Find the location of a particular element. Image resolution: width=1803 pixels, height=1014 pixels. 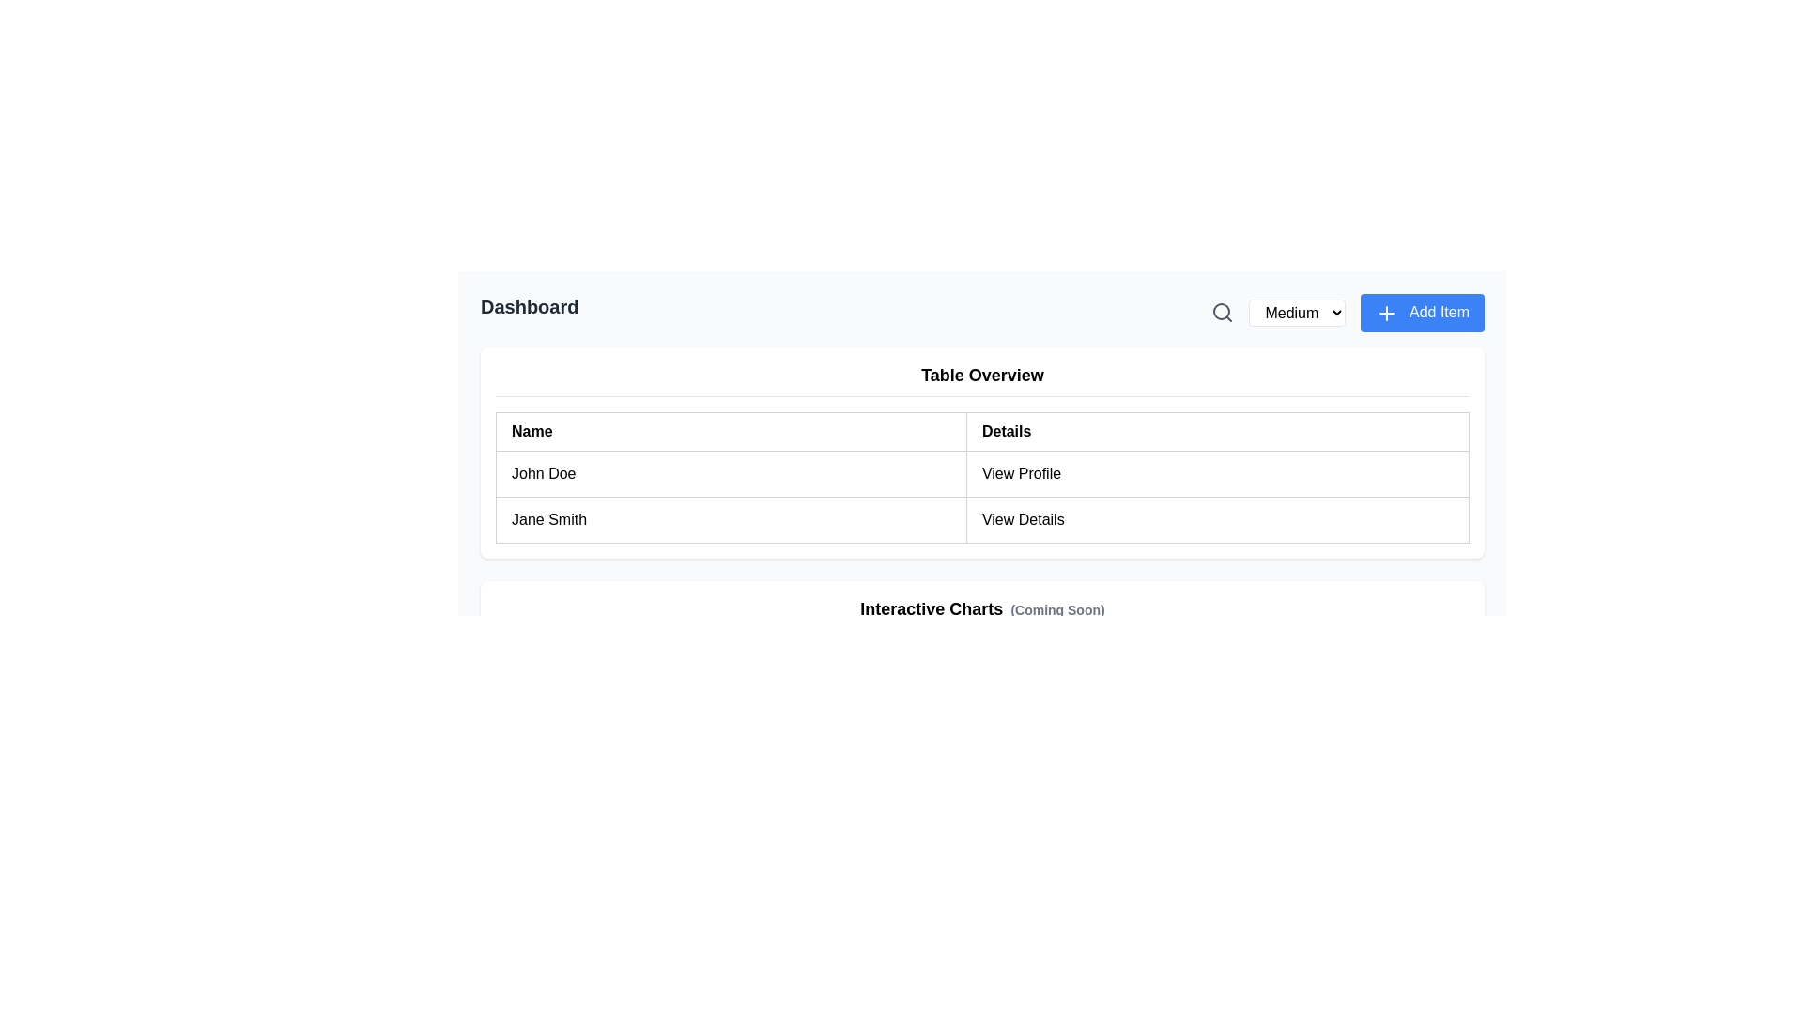

the SVG circle element that represents the search function, which is located to the left of the 'Medium' dropdown and to the right of the main header bar is located at coordinates (1222, 311).